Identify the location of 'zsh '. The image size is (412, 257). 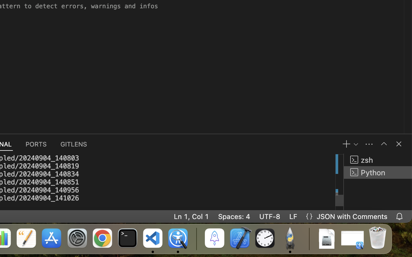
(378, 159).